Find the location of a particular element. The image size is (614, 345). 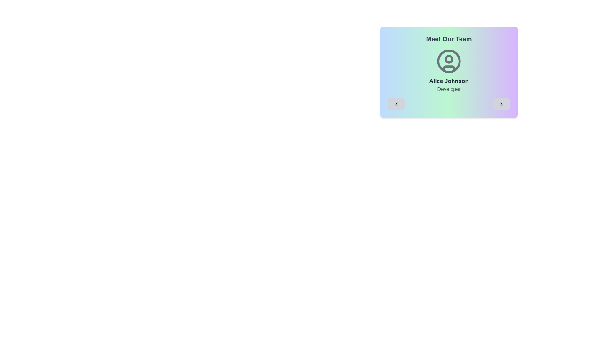

the rightward-pointing chevron icon within the light gray circular button located at the far right of the horizontal card displaying team member information is located at coordinates (501, 104).